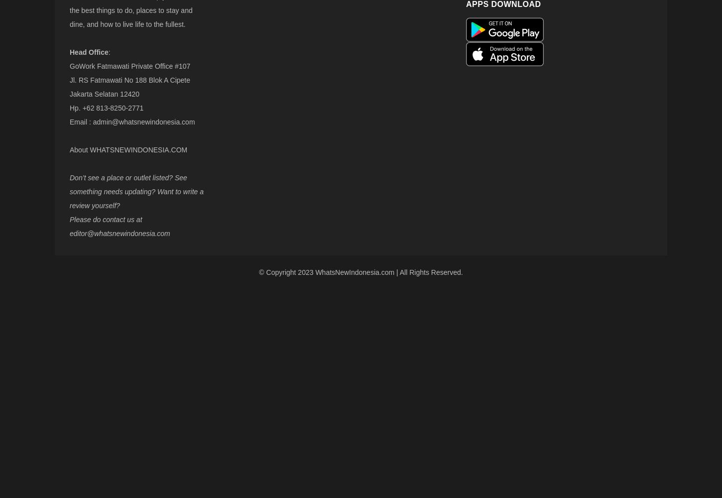  Describe the element at coordinates (136, 192) in the screenshot. I see `'Don’t see a place or outlet listed? See something needs updating? Want to write a review yourself?'` at that location.